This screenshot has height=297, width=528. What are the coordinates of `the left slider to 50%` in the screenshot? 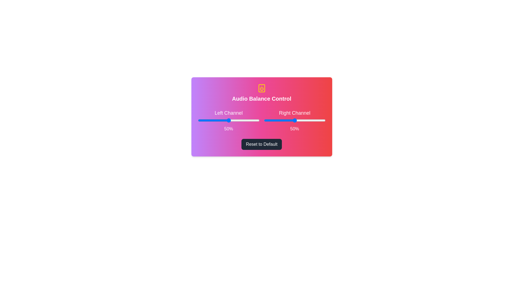 It's located at (229, 120).